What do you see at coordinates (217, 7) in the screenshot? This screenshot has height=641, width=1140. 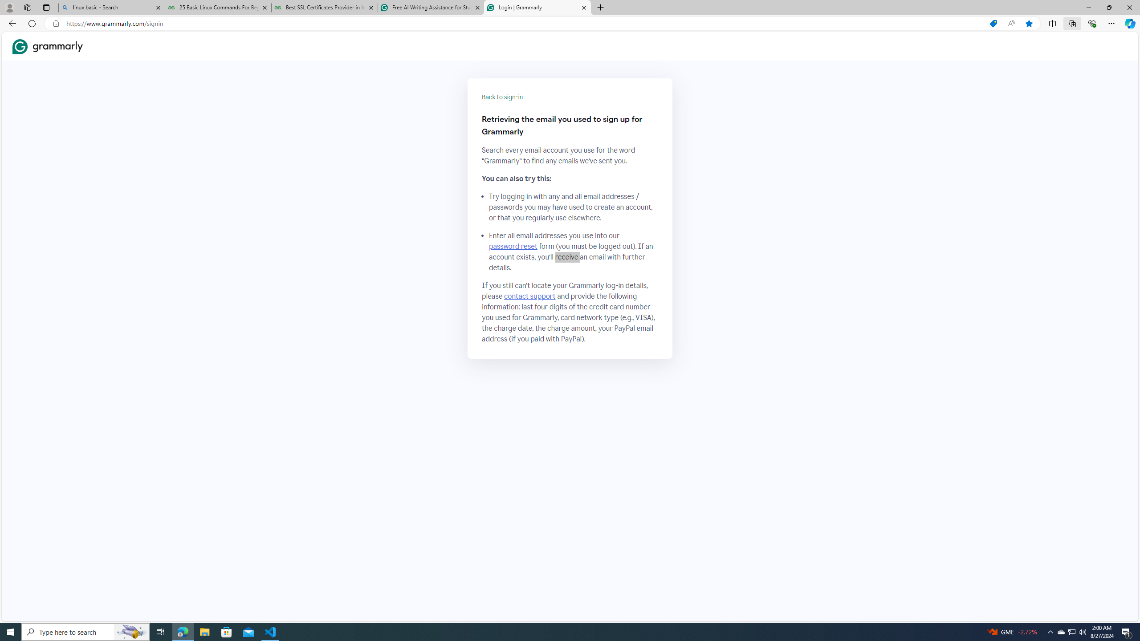 I see `'25 Basic Linux Commands For Beginners - GeeksforGeeks'` at bounding box center [217, 7].